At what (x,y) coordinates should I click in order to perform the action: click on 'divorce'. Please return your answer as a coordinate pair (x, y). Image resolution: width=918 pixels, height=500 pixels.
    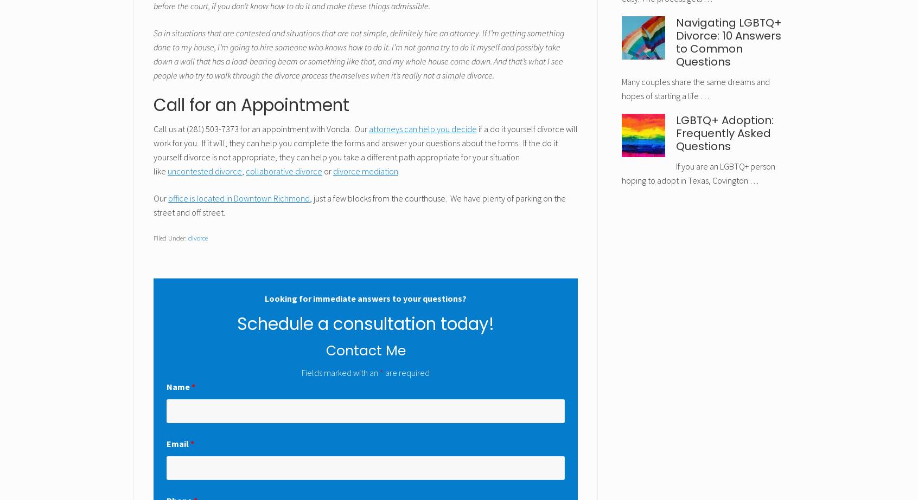
    Looking at the image, I should click on (197, 237).